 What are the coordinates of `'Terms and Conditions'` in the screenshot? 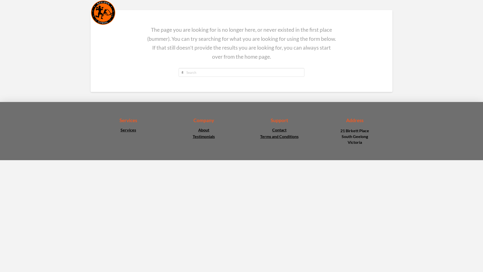 It's located at (260, 138).